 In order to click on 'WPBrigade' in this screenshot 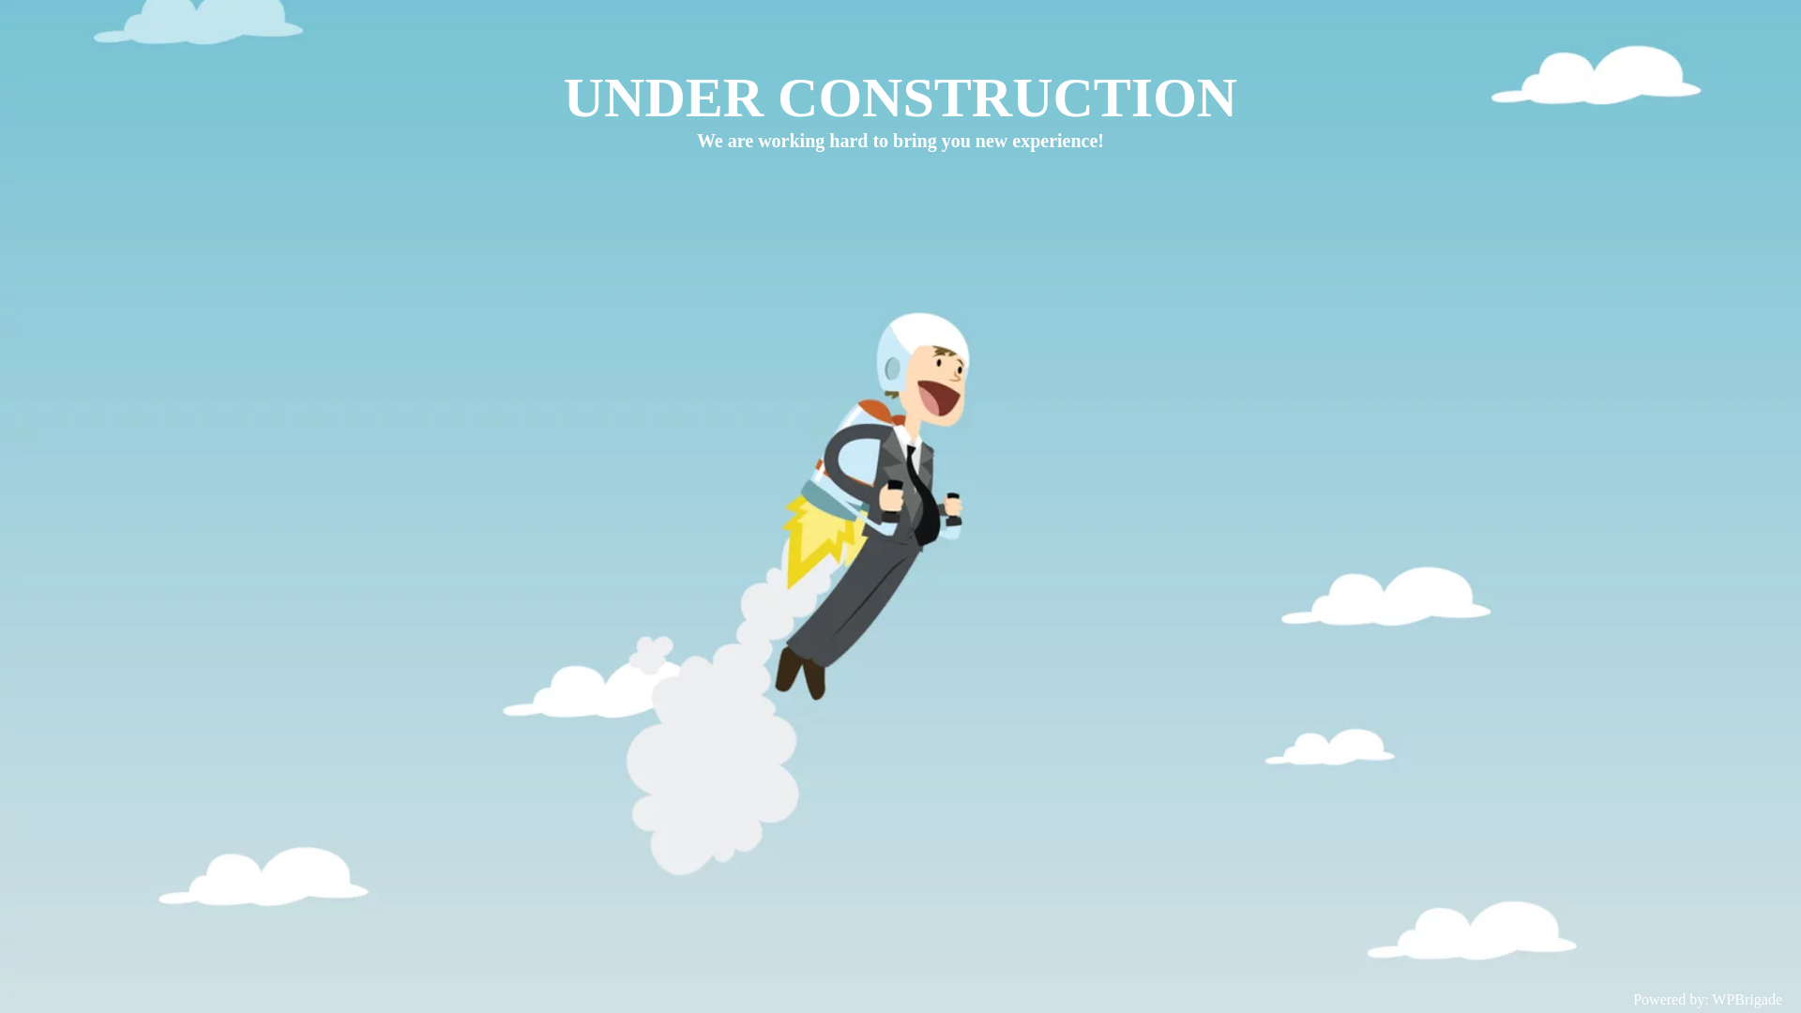, I will do `click(1746, 998)`.